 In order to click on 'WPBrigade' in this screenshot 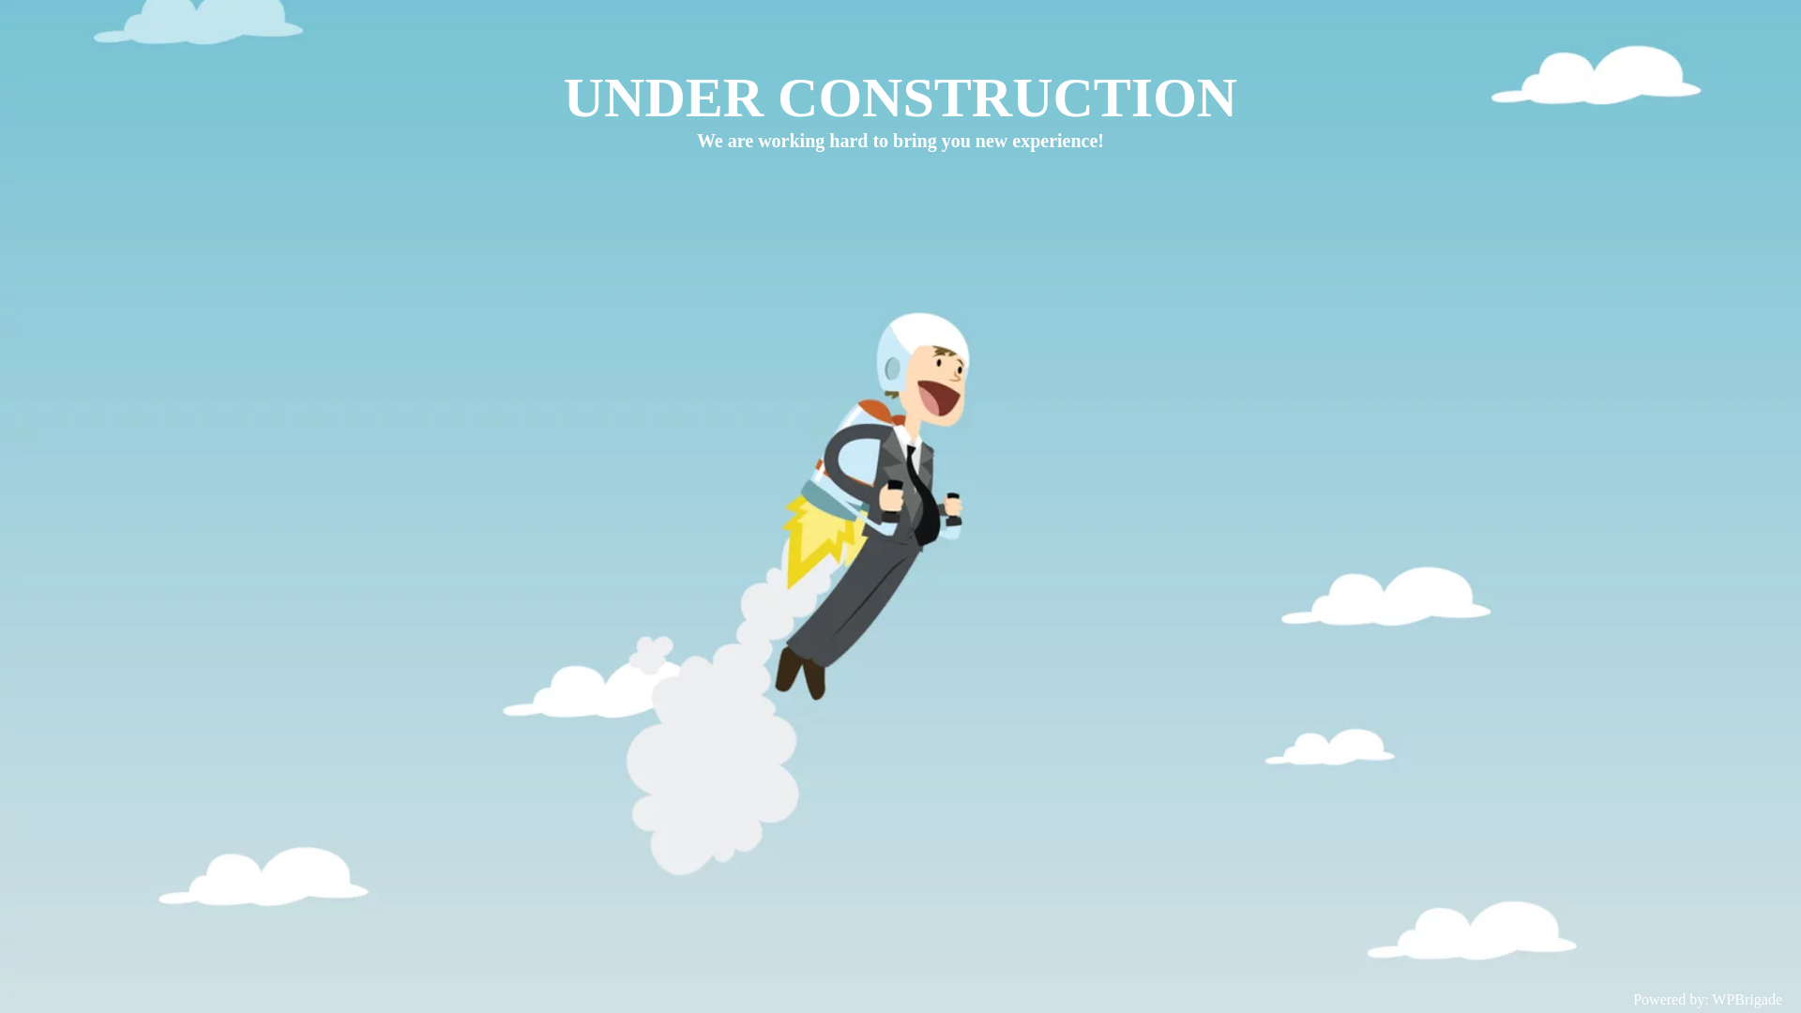, I will do `click(1746, 998)`.